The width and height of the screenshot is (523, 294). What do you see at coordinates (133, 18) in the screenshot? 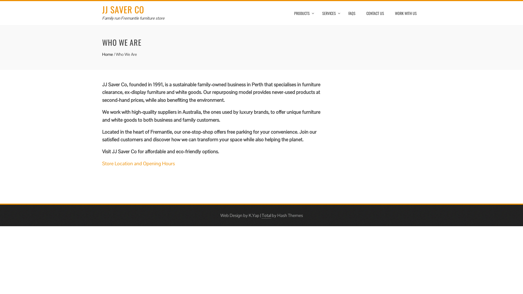
I see `'Family run Fremantle furniture store'` at bounding box center [133, 18].